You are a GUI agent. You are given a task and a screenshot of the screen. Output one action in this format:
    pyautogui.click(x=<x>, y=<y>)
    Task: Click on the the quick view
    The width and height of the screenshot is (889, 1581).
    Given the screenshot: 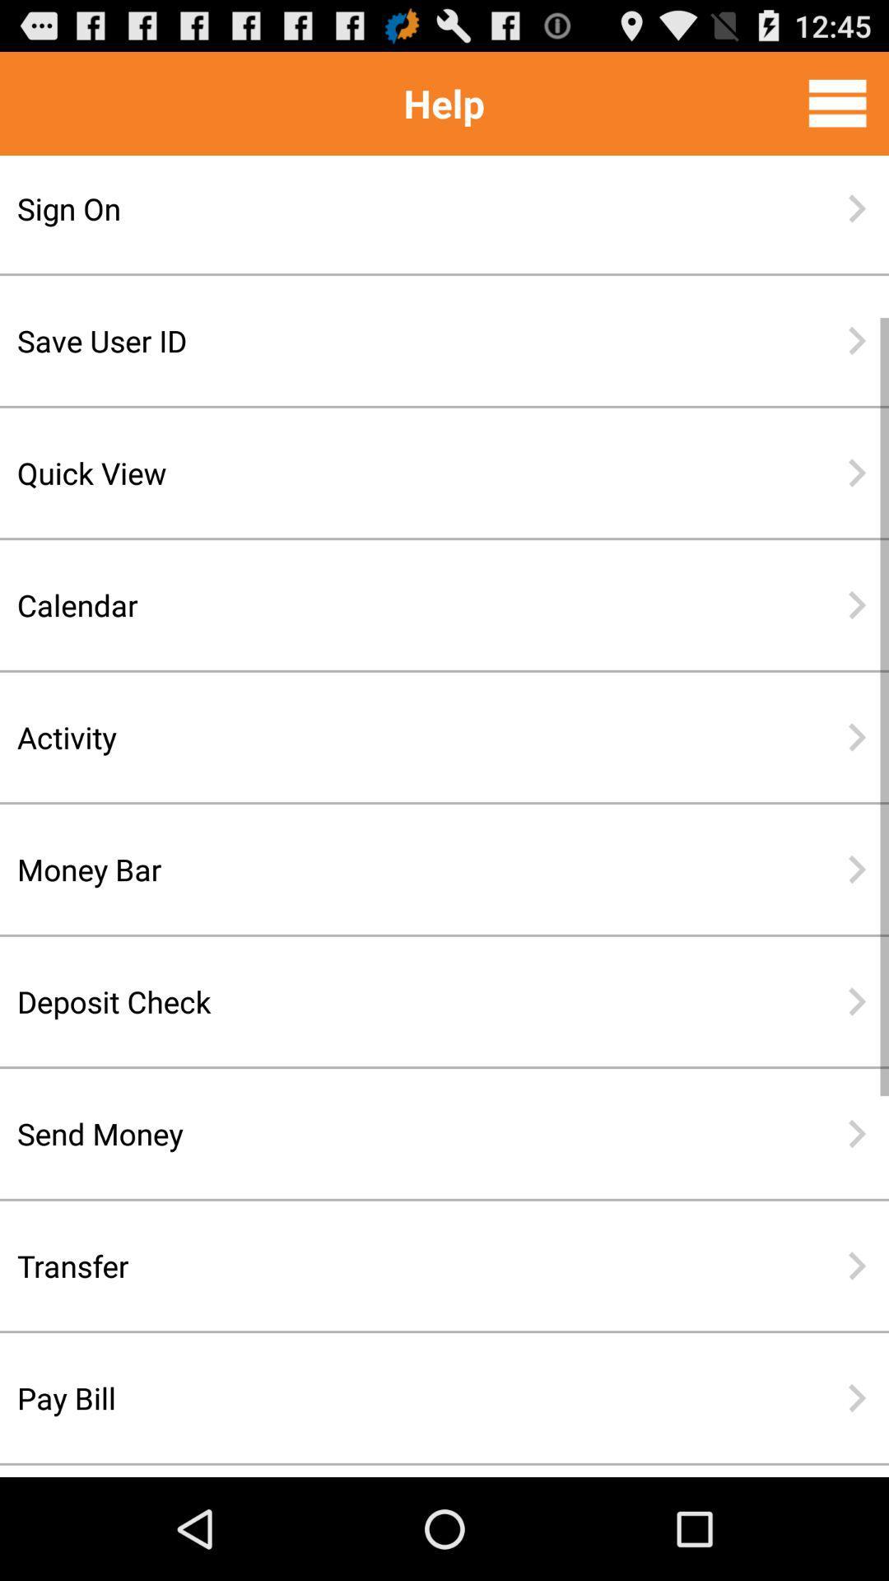 What is the action you would take?
    pyautogui.click(x=391, y=472)
    